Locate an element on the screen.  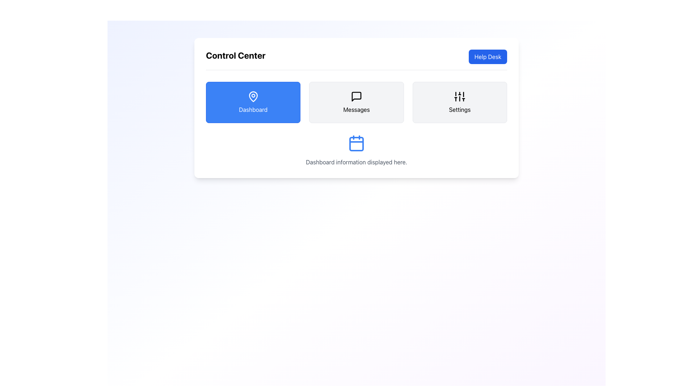
the static text label that reads 'Dashboard information displayed here.' which is centered below the blue calendar icon is located at coordinates (356, 161).